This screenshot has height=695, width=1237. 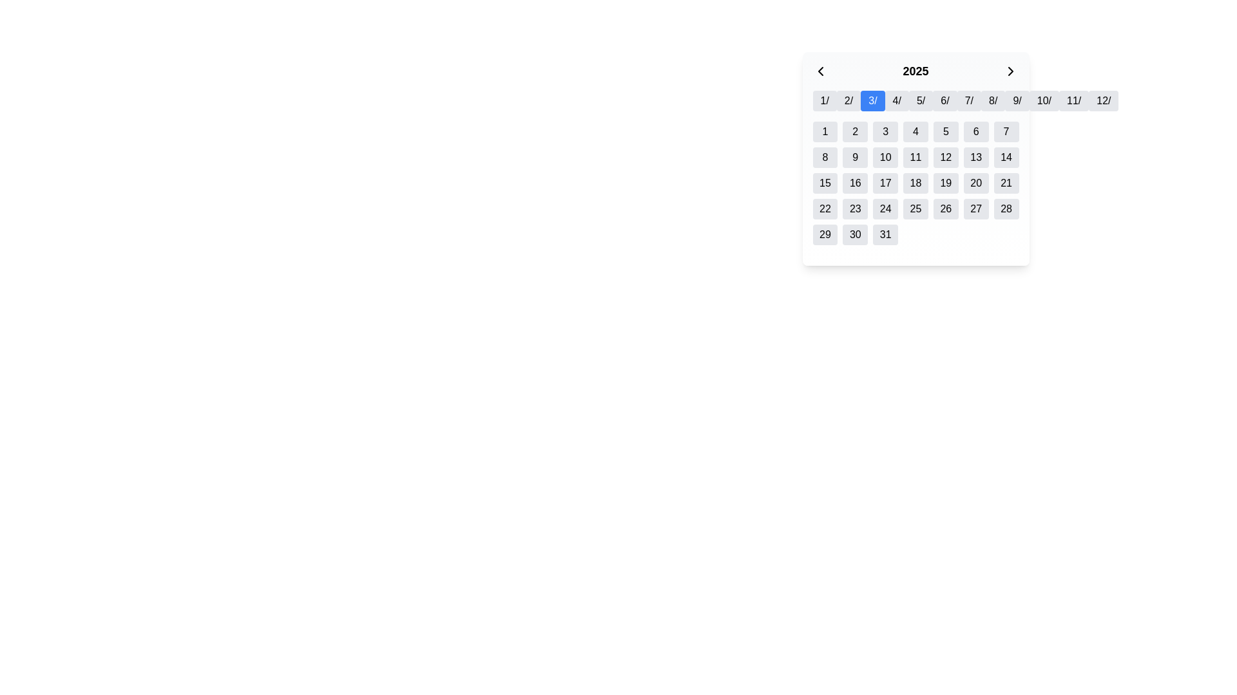 I want to click on the button with the text '16' in a calendar grid layout, so click(x=855, y=183).